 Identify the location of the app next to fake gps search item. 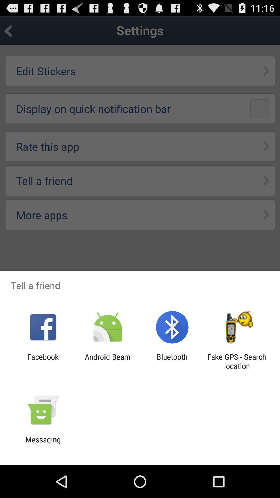
(172, 361).